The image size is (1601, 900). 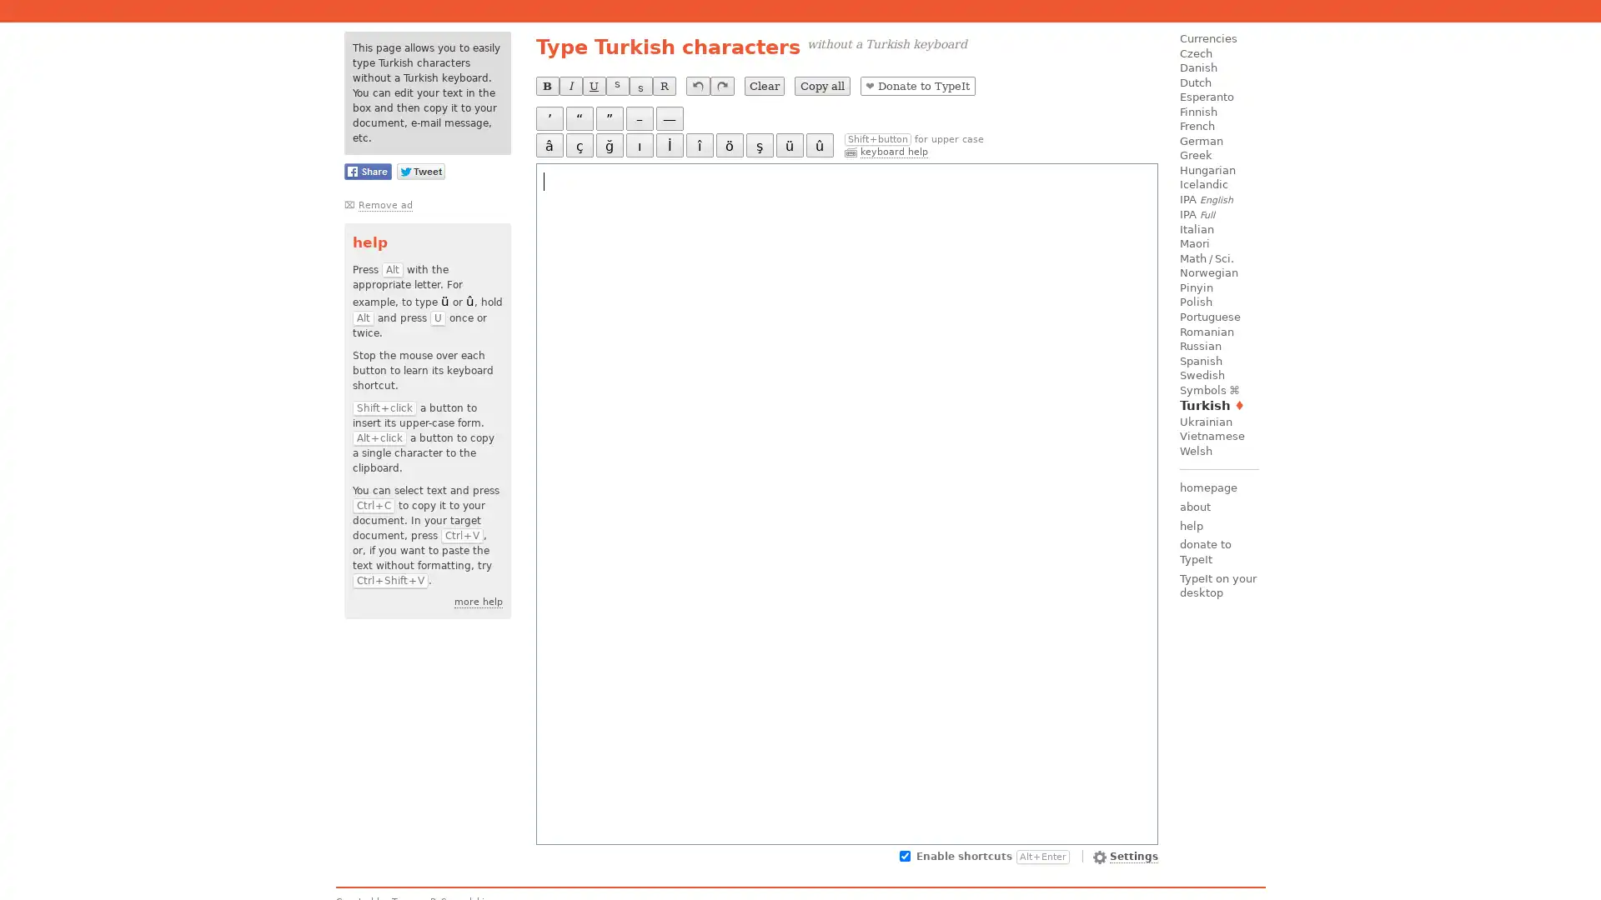 I want to click on c, so click(x=579, y=144).